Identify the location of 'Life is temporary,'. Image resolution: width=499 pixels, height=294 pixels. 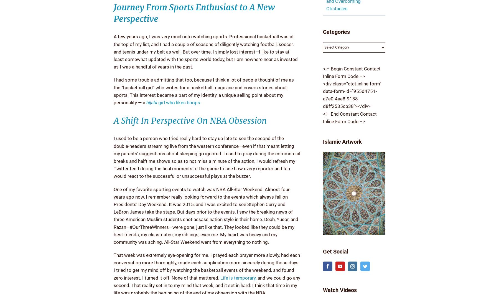
(238, 277).